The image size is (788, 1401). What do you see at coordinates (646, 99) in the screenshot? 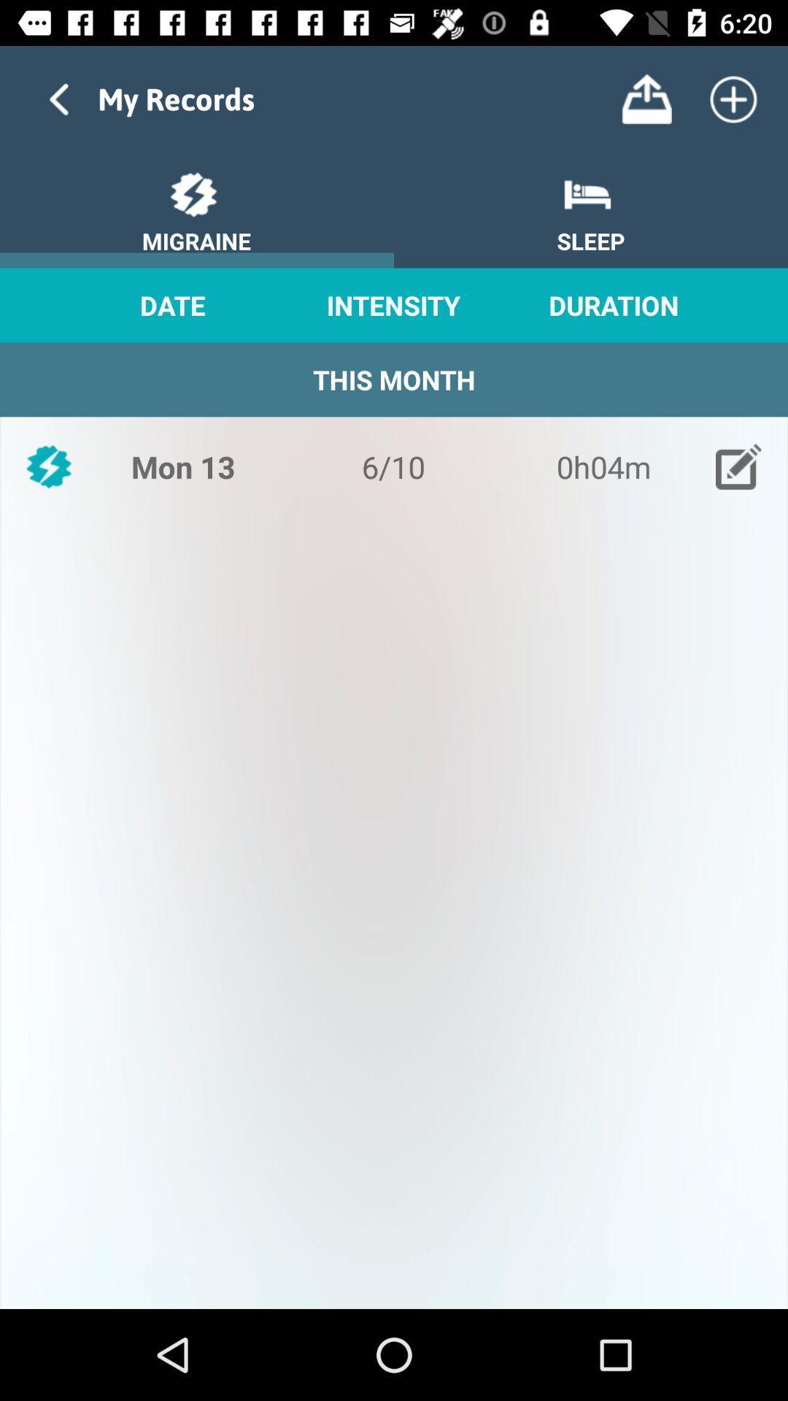
I see `export` at bounding box center [646, 99].